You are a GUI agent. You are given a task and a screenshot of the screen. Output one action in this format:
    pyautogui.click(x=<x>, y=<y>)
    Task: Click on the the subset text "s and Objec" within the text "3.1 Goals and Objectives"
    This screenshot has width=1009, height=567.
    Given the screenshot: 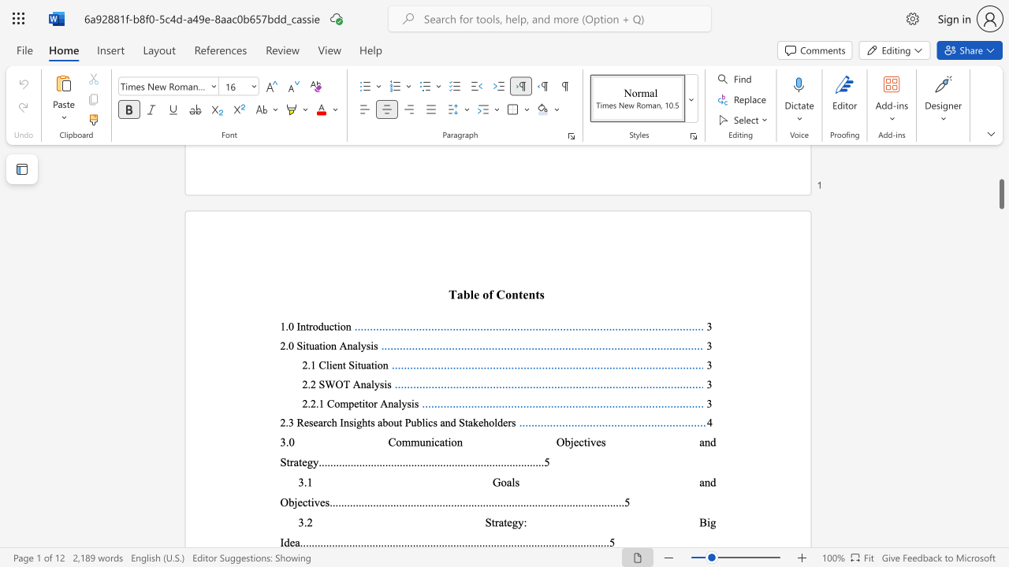 What is the action you would take?
    pyautogui.click(x=515, y=481)
    